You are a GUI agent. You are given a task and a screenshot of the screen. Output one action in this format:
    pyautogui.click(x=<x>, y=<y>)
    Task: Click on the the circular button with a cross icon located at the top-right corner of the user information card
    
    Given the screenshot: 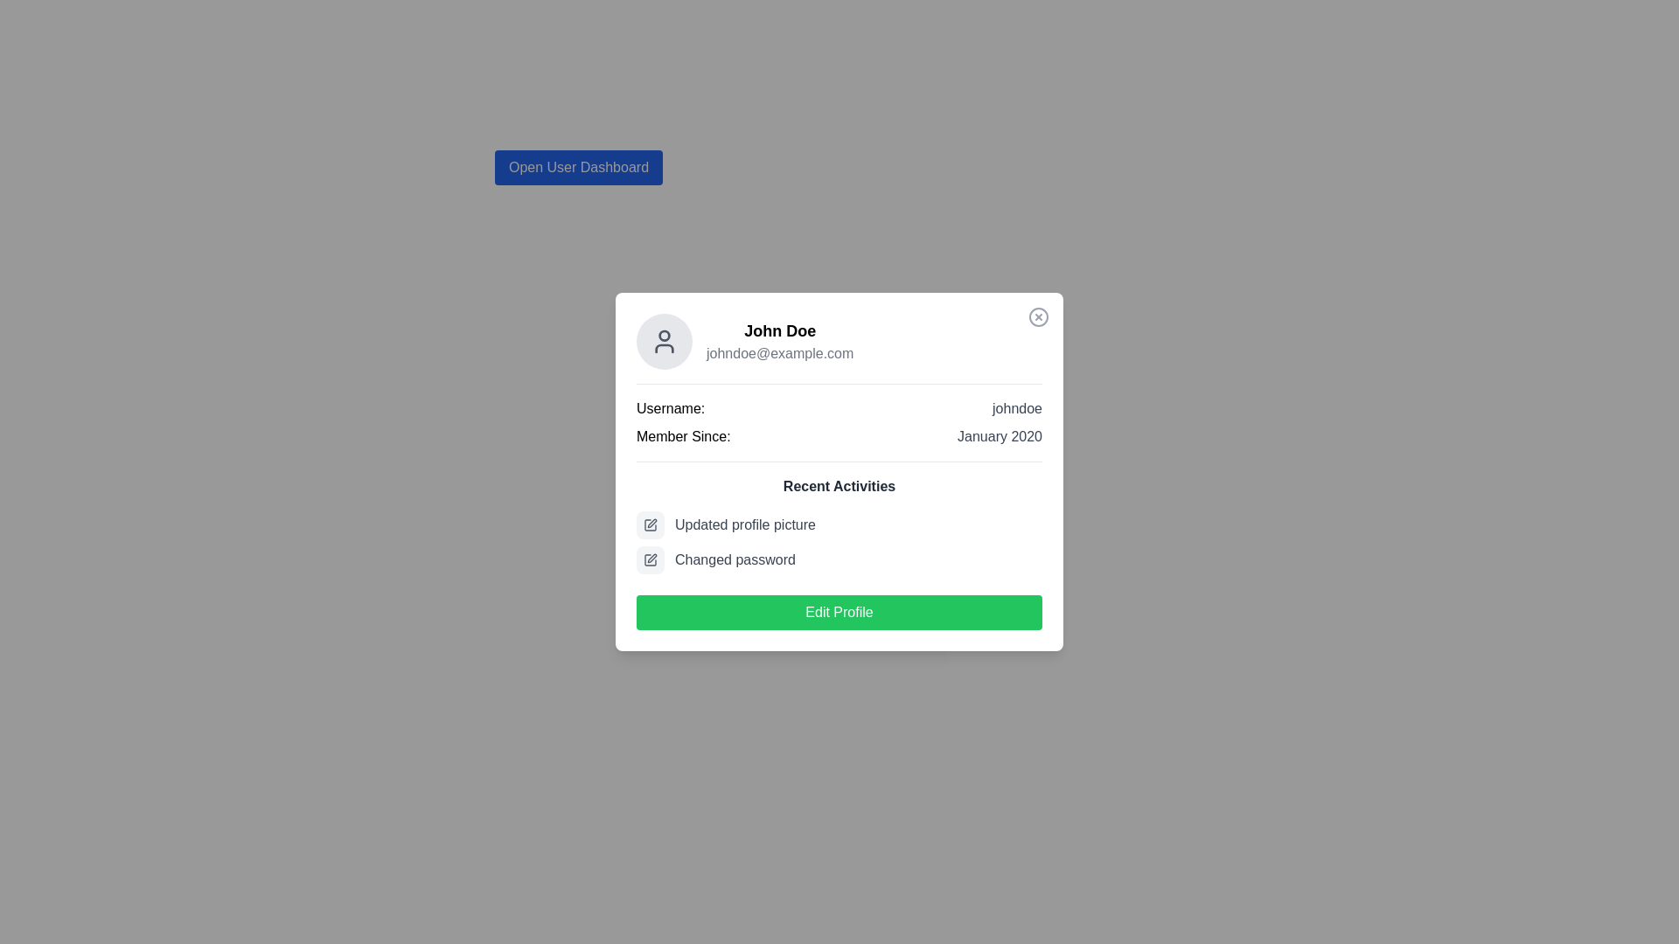 What is the action you would take?
    pyautogui.click(x=1039, y=316)
    